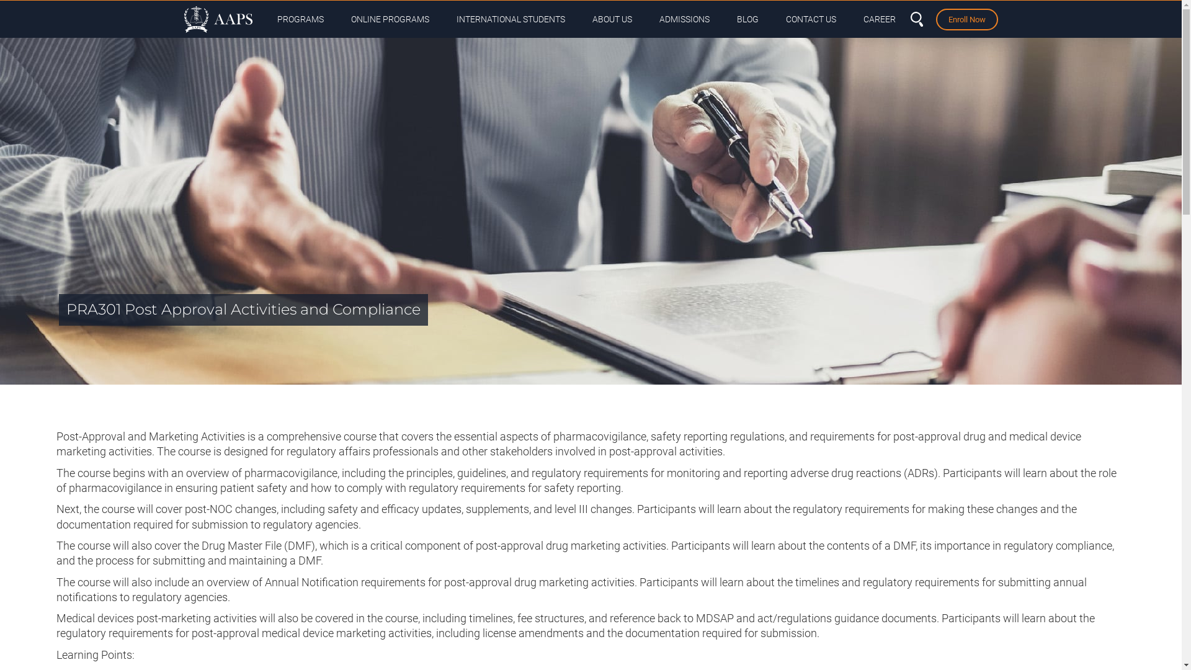 Image resolution: width=1191 pixels, height=670 pixels. Describe the element at coordinates (878, 19) in the screenshot. I see `'CAREER'` at that location.